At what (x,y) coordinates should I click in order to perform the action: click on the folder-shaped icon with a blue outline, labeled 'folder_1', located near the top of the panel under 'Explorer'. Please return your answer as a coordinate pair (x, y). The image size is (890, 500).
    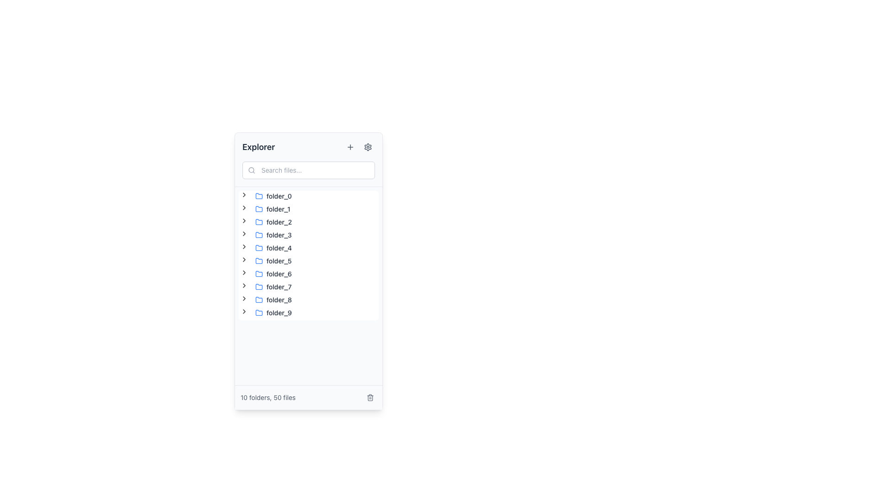
    Looking at the image, I should click on (259, 209).